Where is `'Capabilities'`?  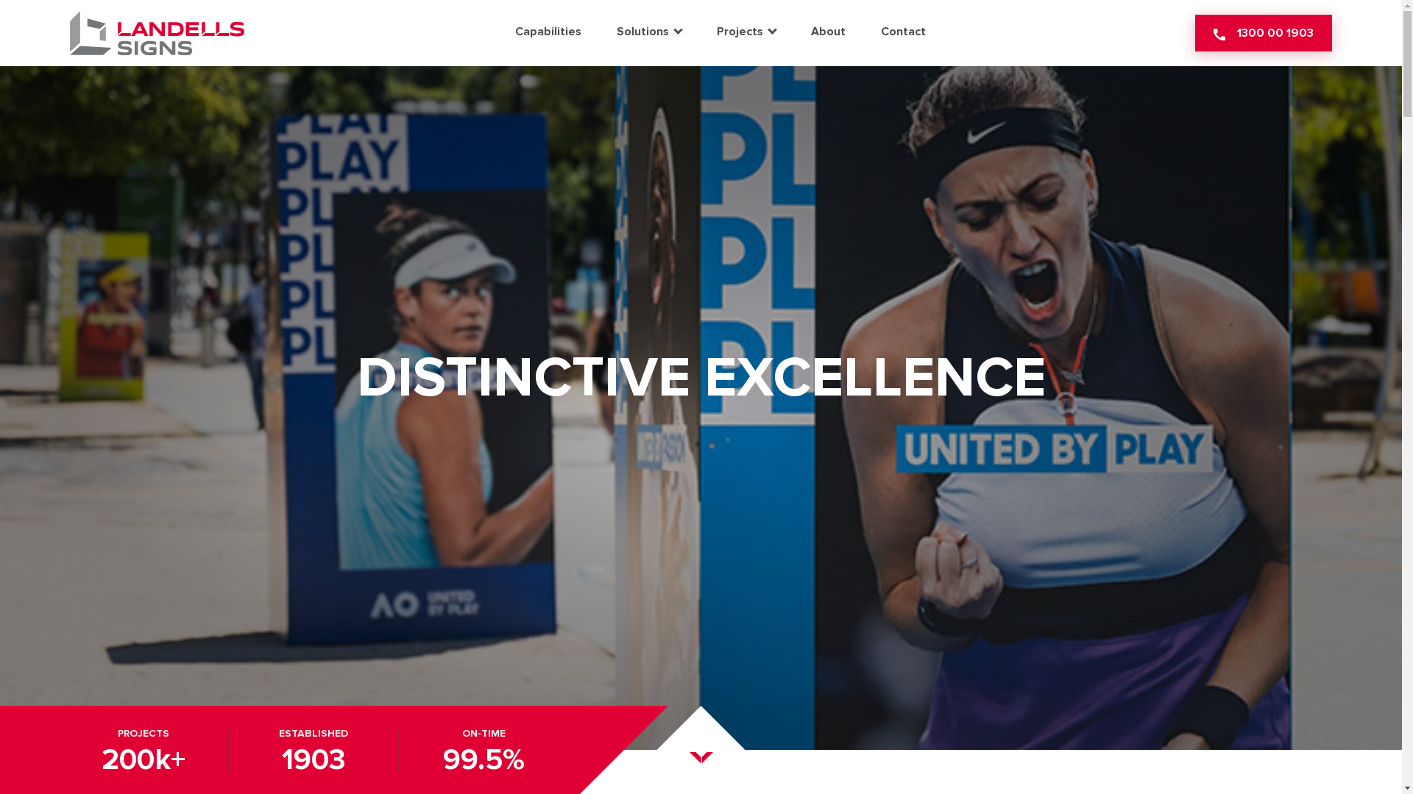
'Capabilities' is located at coordinates (515, 33).